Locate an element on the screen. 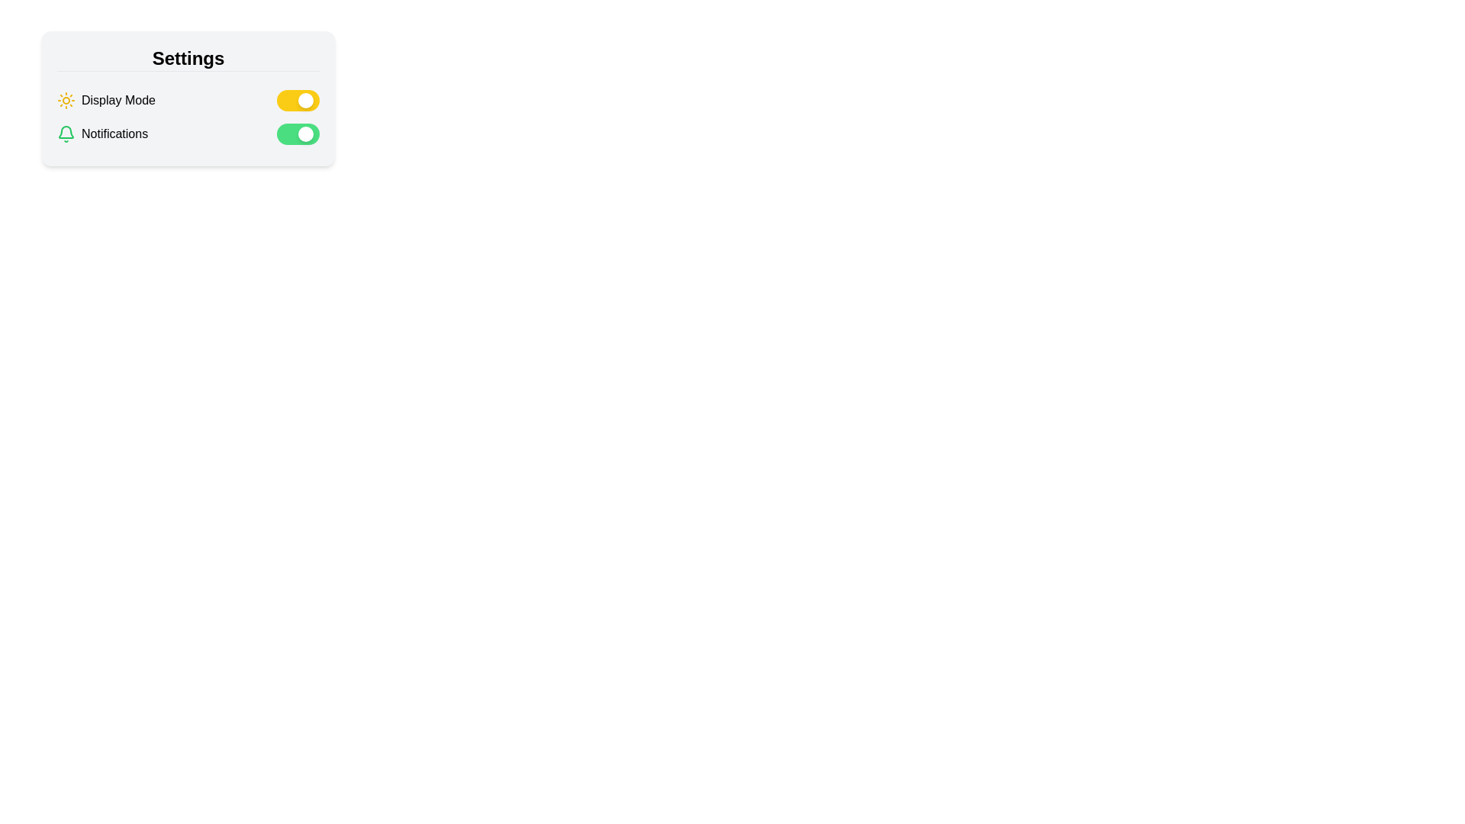 This screenshot has height=824, width=1465. the text label that describes the purpose of the accompanying switch toggle for enabling or disabling notifications, located below the 'Display Mode' section is located at coordinates (114, 134).